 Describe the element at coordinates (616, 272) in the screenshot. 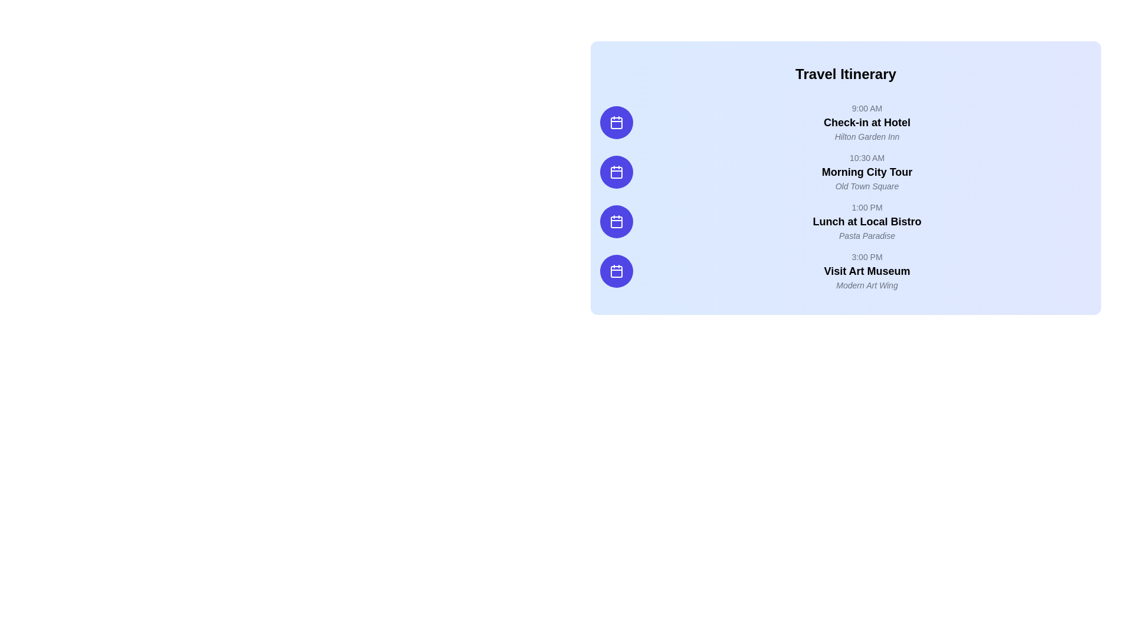

I see `the fourth calendar icon in the vertical stack on the left side of the 'Travel Itinerary' section` at that location.